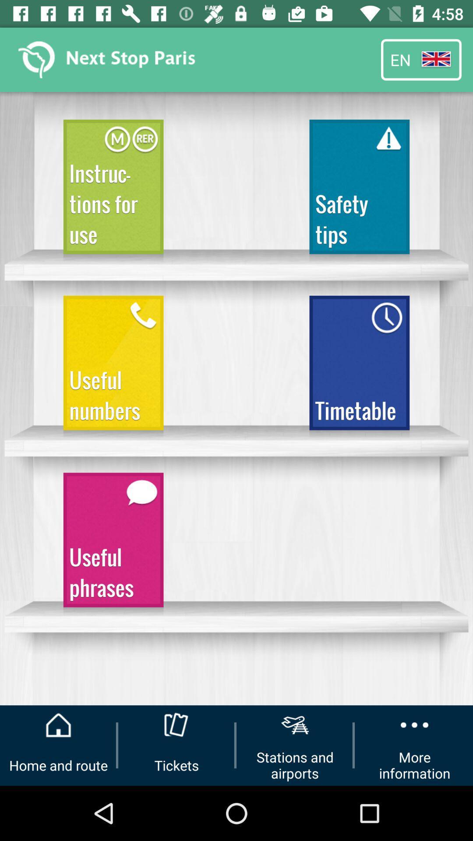 The height and width of the screenshot is (841, 473). Describe the element at coordinates (359, 367) in the screenshot. I see `the item to the right of the useful numbers icon` at that location.